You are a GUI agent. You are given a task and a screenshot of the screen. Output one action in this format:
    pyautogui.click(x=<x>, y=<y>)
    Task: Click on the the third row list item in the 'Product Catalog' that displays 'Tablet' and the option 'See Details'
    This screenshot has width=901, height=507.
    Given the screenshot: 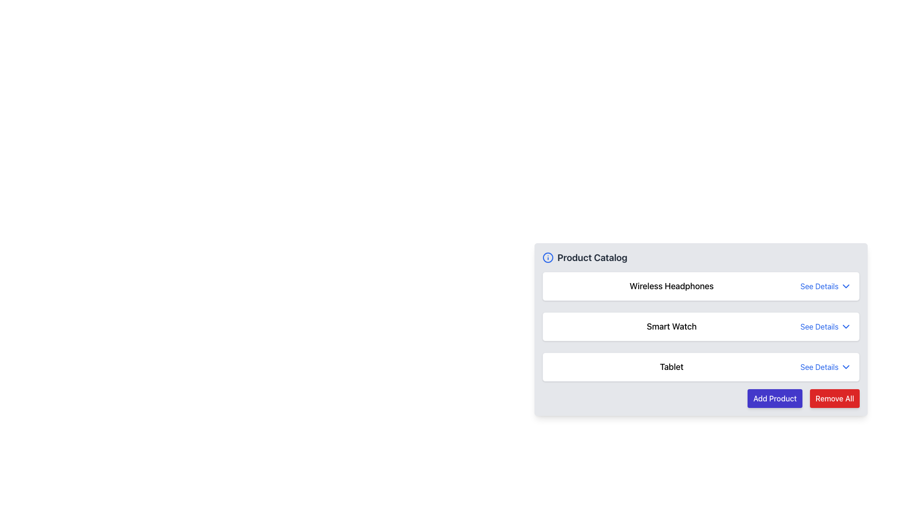 What is the action you would take?
    pyautogui.click(x=701, y=367)
    